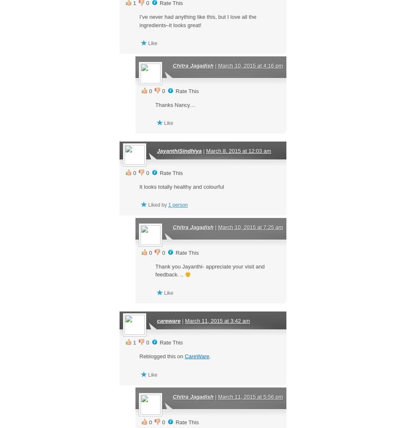  What do you see at coordinates (168, 205) in the screenshot?
I see `'1 person'` at bounding box center [168, 205].